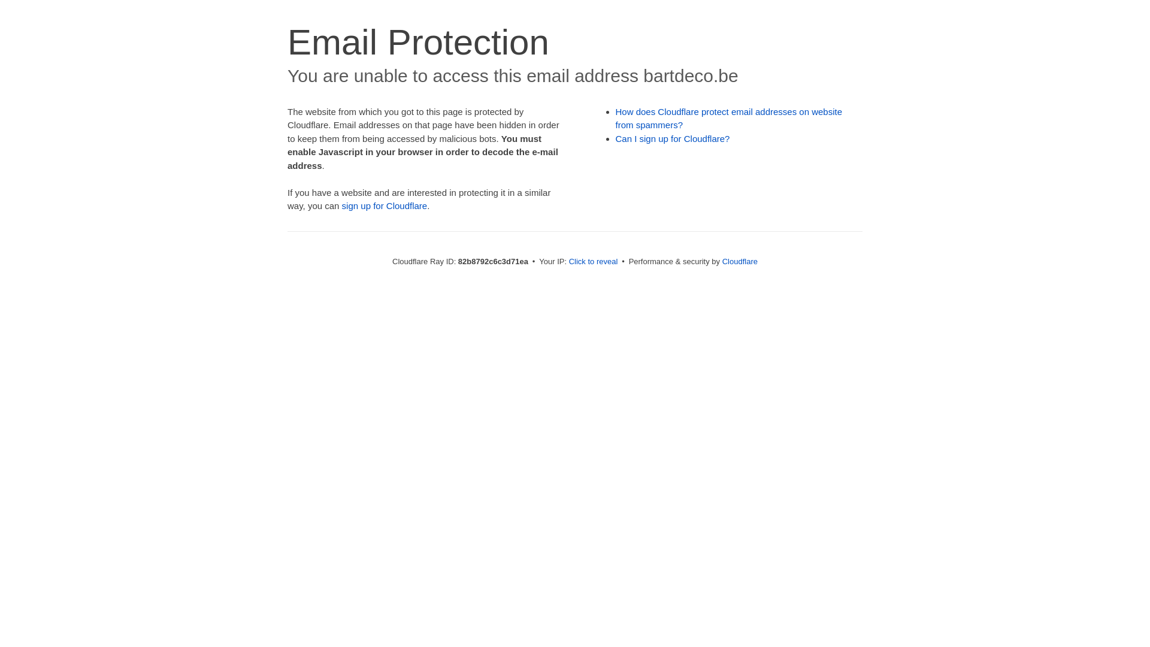 The width and height of the screenshot is (1150, 647). Describe the element at coordinates (673, 138) in the screenshot. I see `'Can I sign up for Cloudflare?'` at that location.